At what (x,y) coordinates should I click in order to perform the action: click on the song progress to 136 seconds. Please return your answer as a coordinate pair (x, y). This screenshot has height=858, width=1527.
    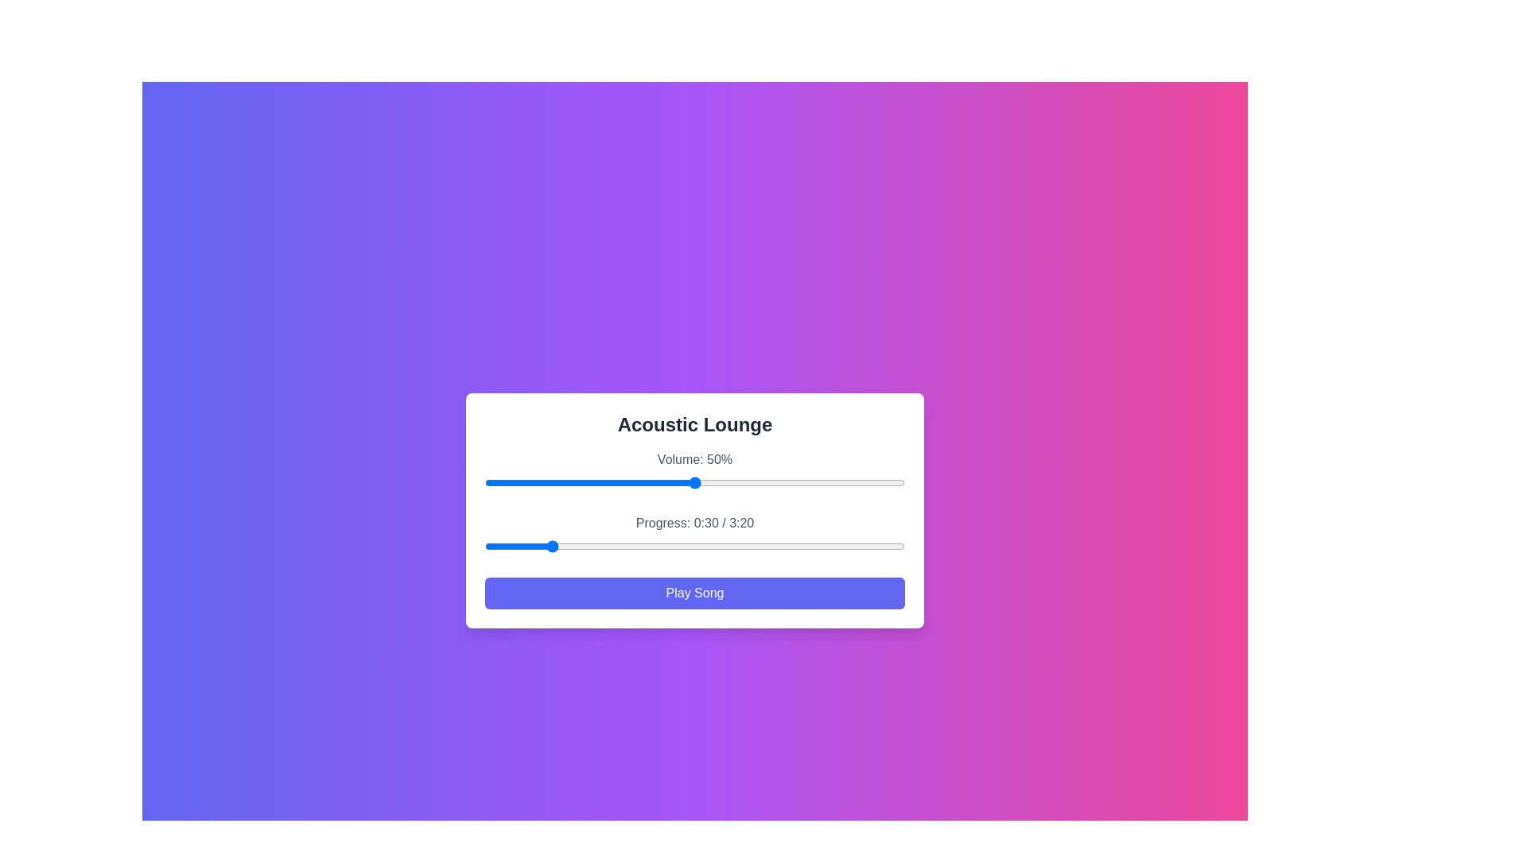
    Looking at the image, I should click on (771, 545).